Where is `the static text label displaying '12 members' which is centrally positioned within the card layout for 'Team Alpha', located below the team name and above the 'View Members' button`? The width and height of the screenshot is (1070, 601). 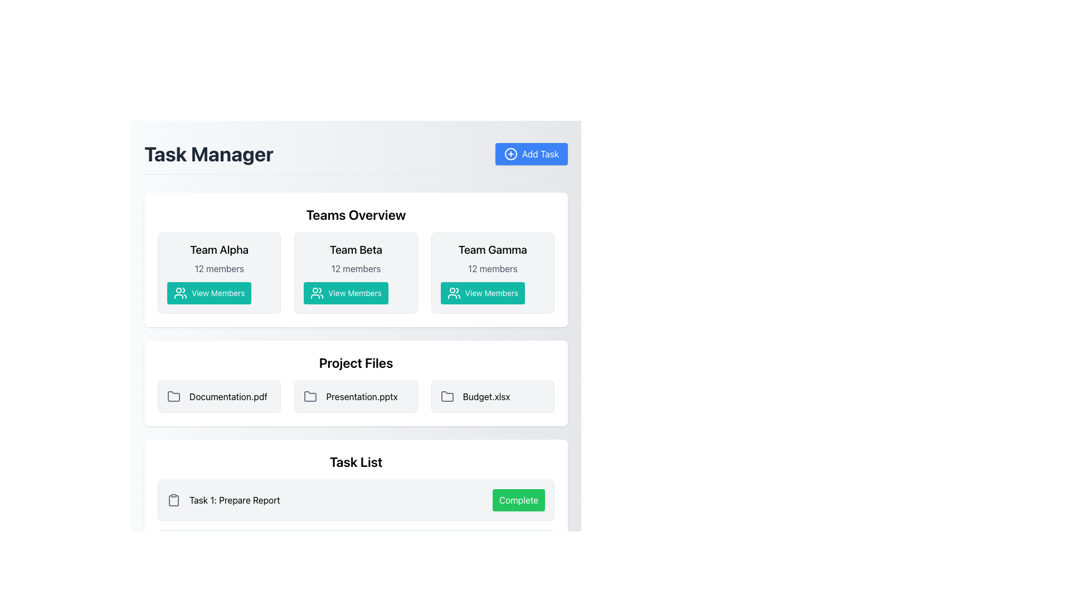 the static text label displaying '12 members' which is centrally positioned within the card layout for 'Team Alpha', located below the team name and above the 'View Members' button is located at coordinates (219, 268).